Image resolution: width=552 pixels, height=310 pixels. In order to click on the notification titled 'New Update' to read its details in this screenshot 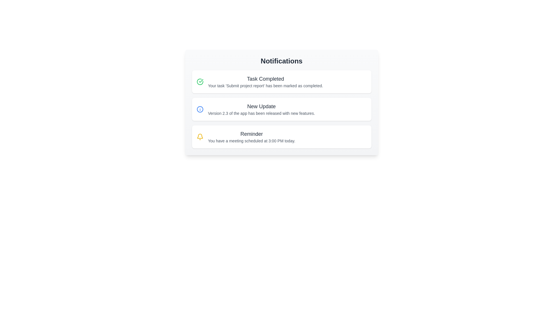, I will do `click(281, 109)`.